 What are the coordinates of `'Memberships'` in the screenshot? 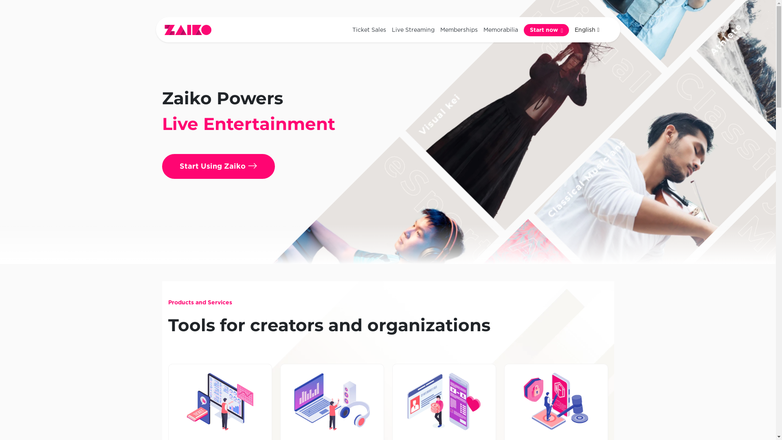 It's located at (459, 29).